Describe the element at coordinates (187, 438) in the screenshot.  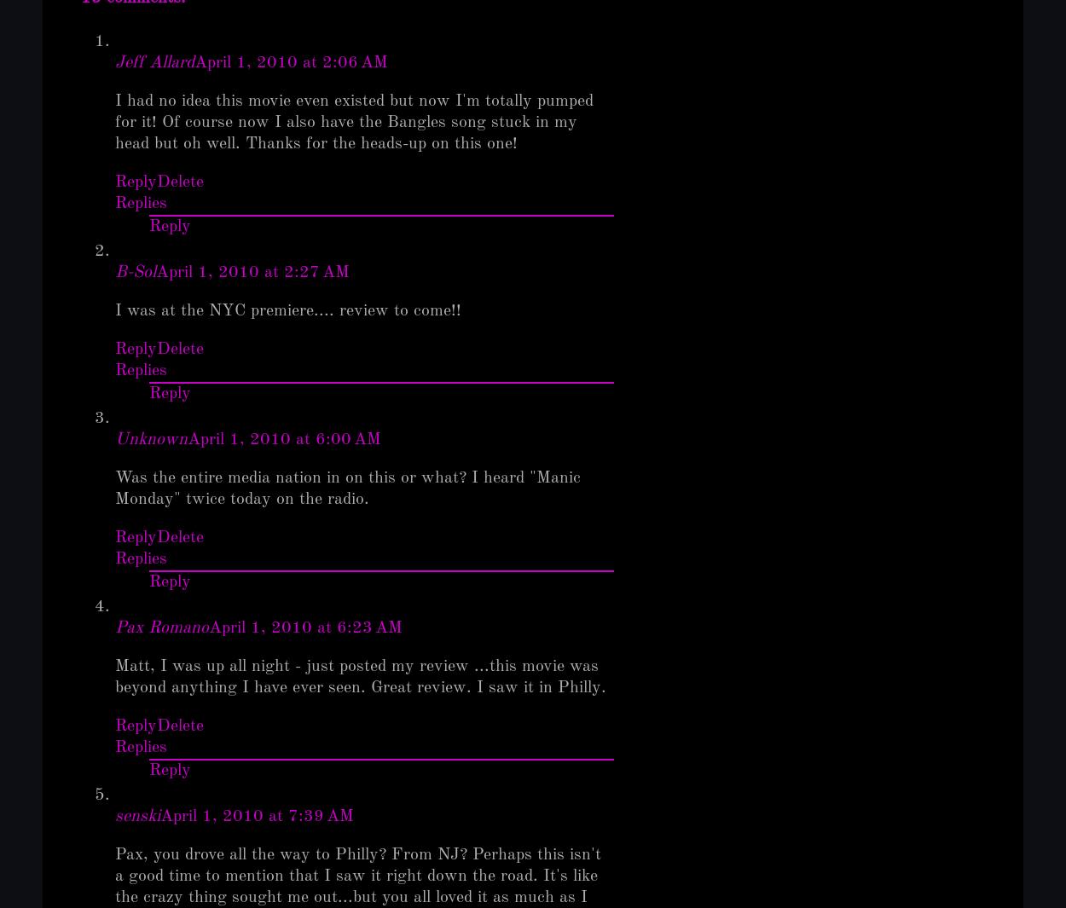
I see `'April 1, 2010 at 6:00 AM'` at that location.